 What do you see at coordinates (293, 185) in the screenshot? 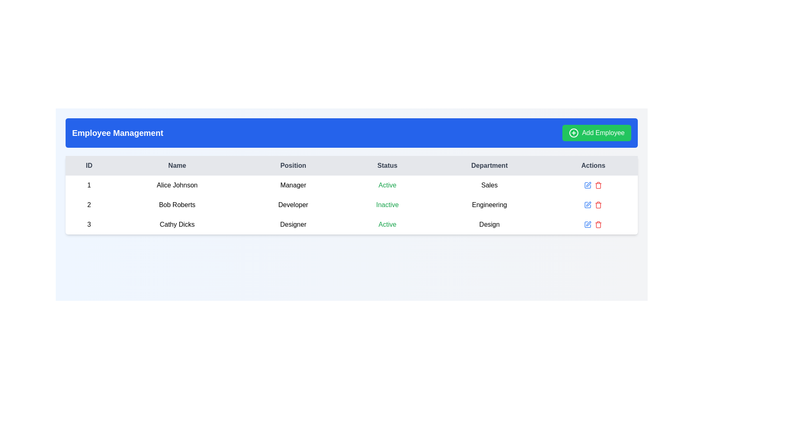
I see `the text label displaying 'Manager' located in the second row of the table under the 'Position' column, which is the third column from the left associated with 'Alice Johnson'` at bounding box center [293, 185].